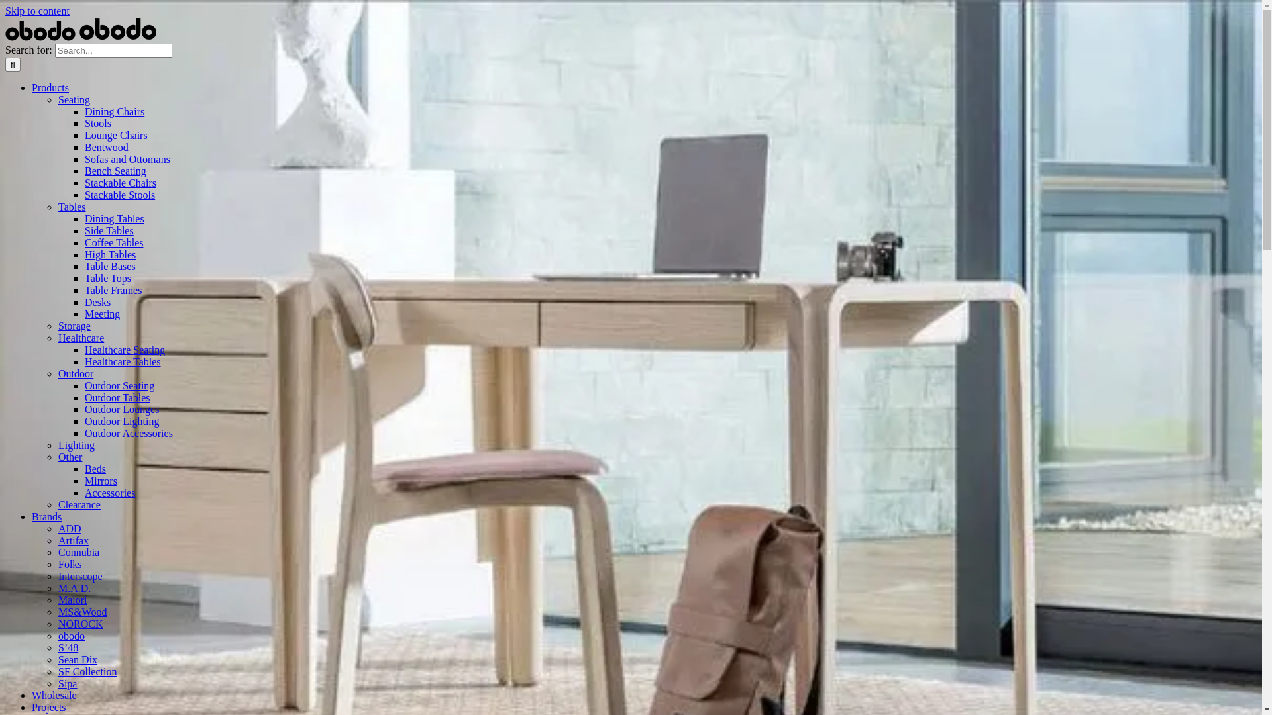 The width and height of the screenshot is (1272, 715). I want to click on 'Skip to content', so click(37, 11).